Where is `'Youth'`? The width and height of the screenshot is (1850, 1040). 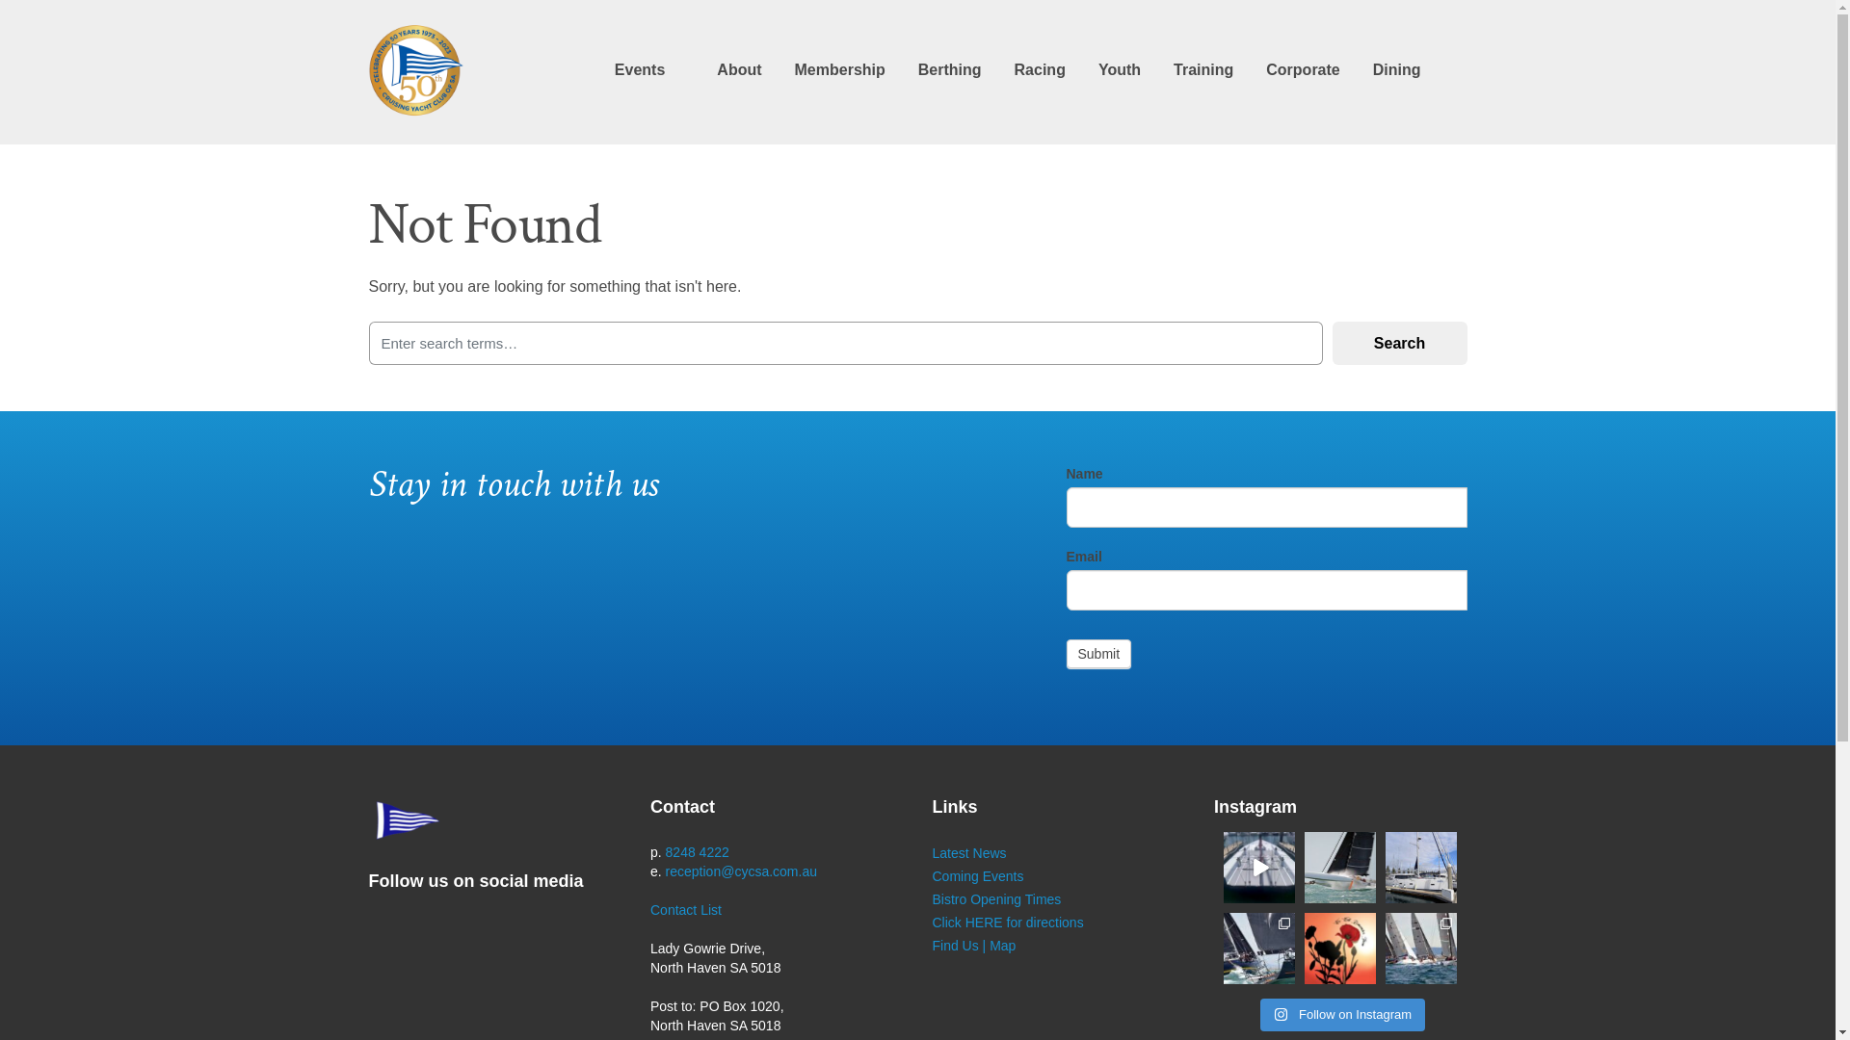
'Youth' is located at coordinates (1119, 69).